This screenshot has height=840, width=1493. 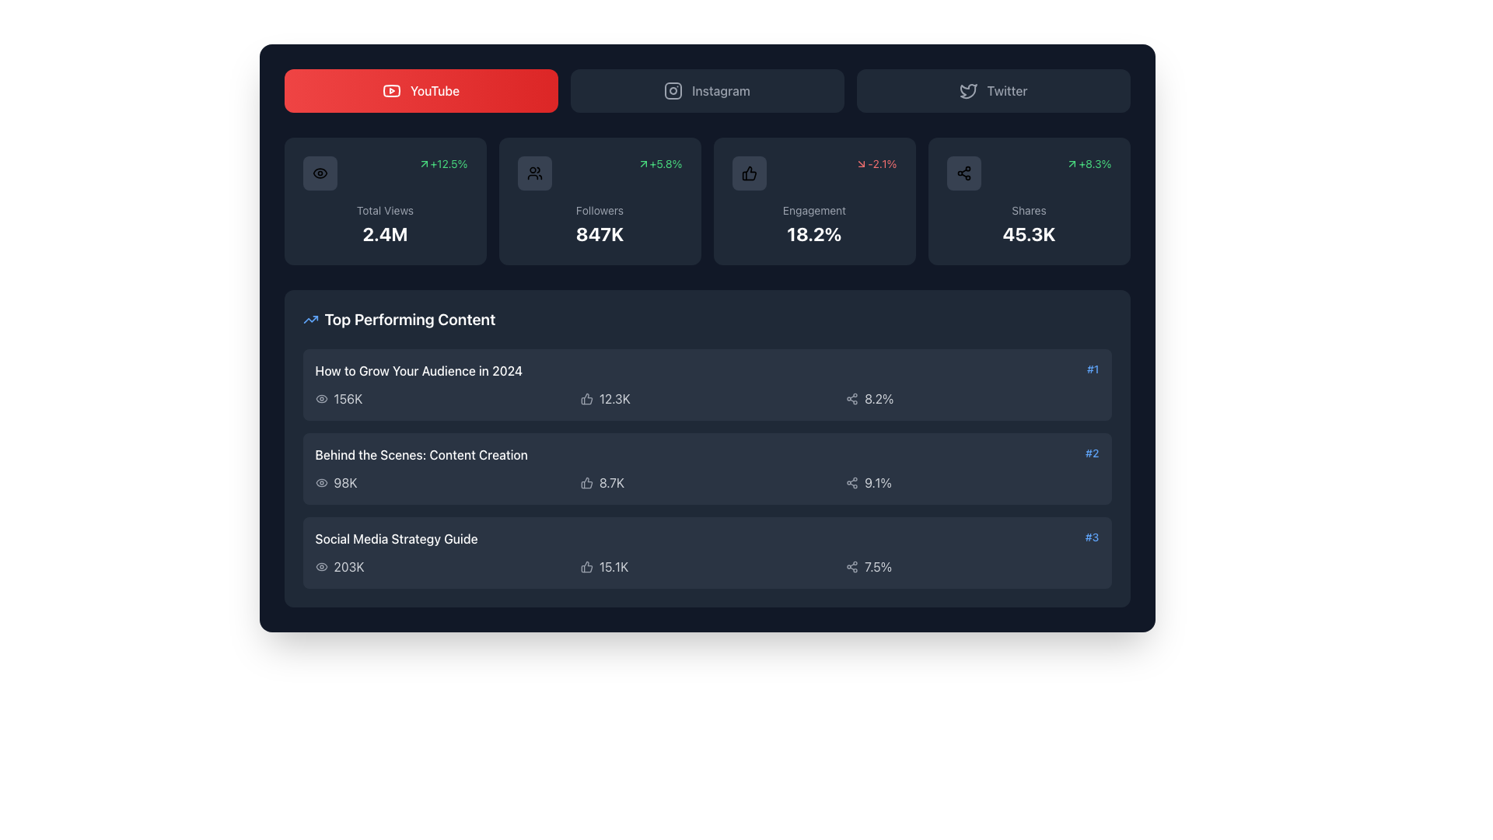 What do you see at coordinates (319, 173) in the screenshot?
I see `the informational icon indicating total views, located to the left of the text '+12.5%' and above 'Total Views 2.4M'` at bounding box center [319, 173].